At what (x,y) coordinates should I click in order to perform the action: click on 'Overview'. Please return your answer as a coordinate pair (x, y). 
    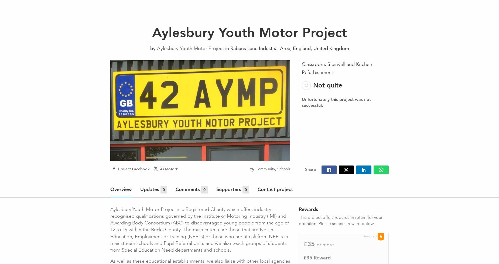
    Looking at the image, I should click on (110, 189).